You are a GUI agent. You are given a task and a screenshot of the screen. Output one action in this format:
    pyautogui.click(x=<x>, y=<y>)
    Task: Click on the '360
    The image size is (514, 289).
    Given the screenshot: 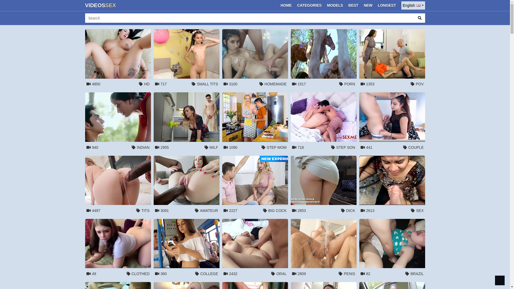 What is the action you would take?
    pyautogui.click(x=186, y=249)
    